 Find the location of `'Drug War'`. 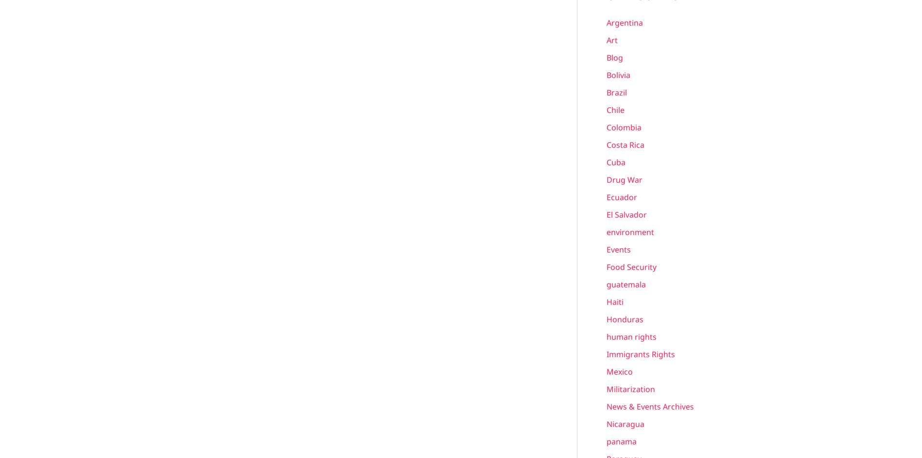

'Drug War' is located at coordinates (624, 179).